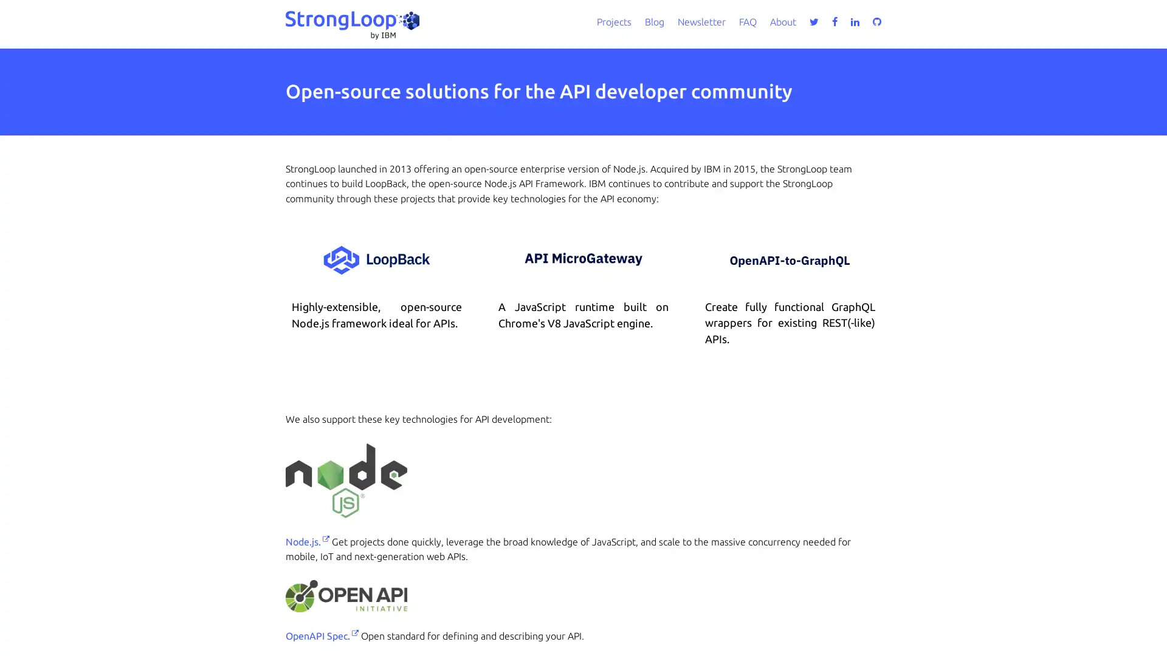 This screenshot has width=1167, height=656. I want to click on close icon, so click(1157, 564).